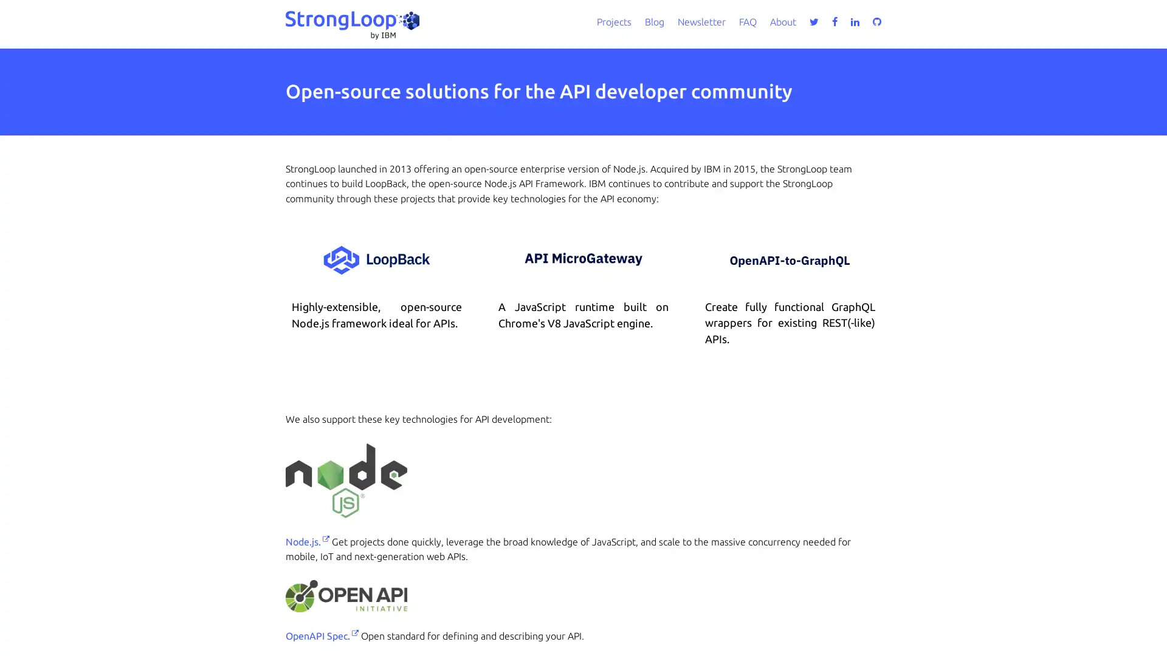 This screenshot has width=1167, height=656. I want to click on close icon, so click(1157, 564).